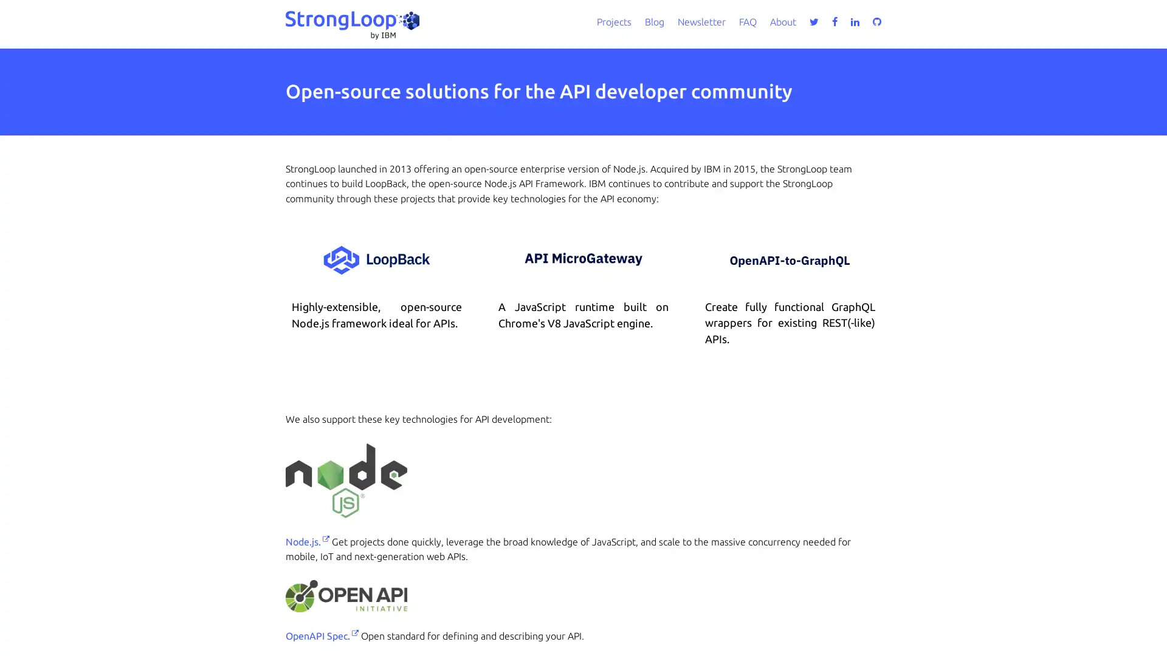 This screenshot has width=1167, height=656. I want to click on close icon, so click(1157, 564).